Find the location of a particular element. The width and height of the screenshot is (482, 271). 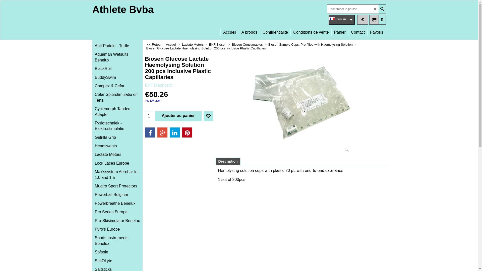

'Lock Laces Europe' is located at coordinates (117, 163).